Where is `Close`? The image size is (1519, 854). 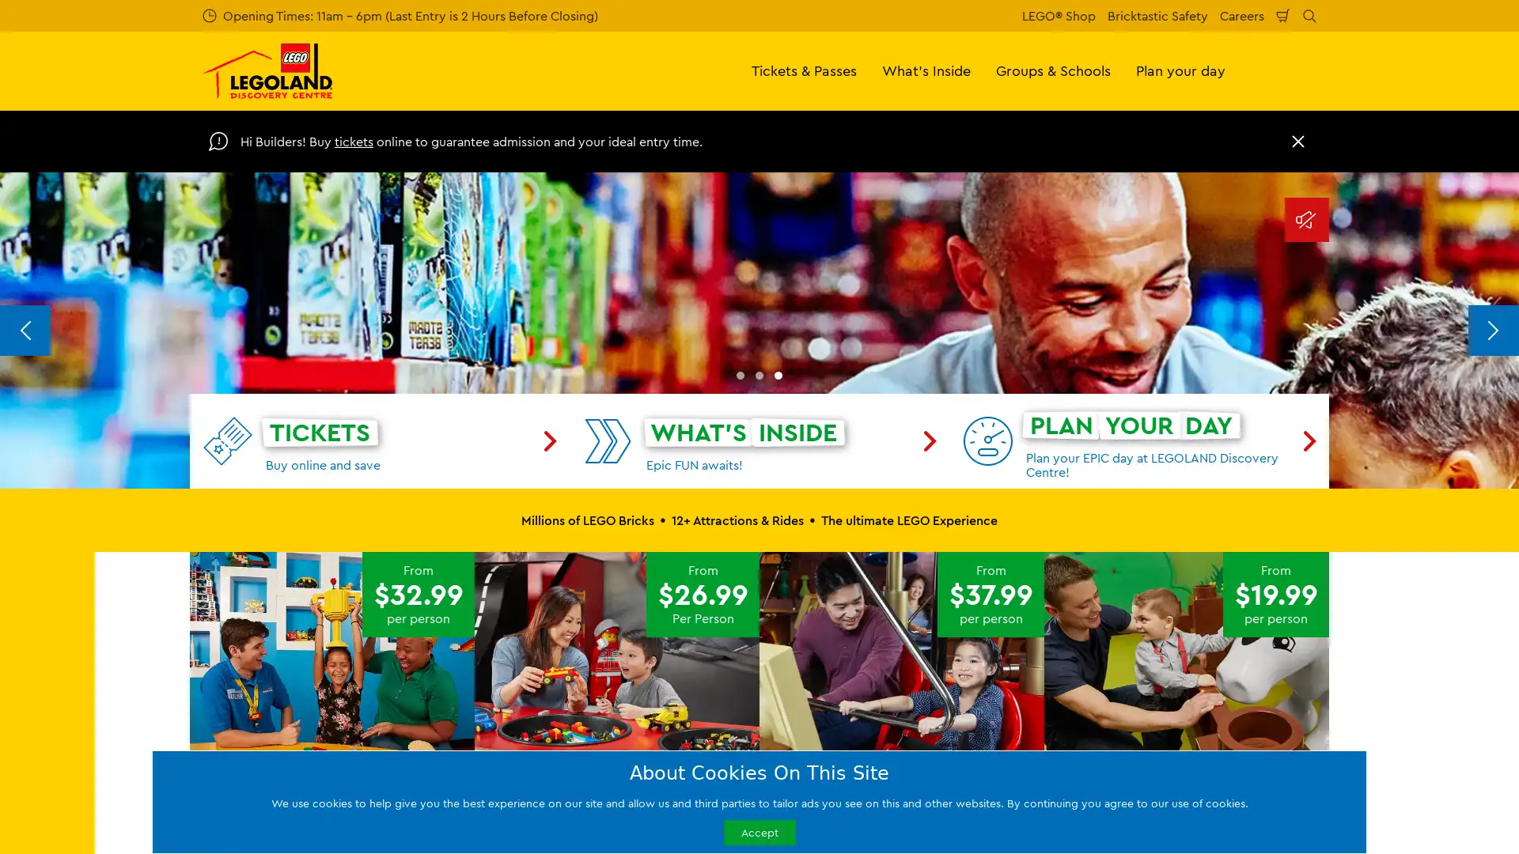 Close is located at coordinates (1298, 140).